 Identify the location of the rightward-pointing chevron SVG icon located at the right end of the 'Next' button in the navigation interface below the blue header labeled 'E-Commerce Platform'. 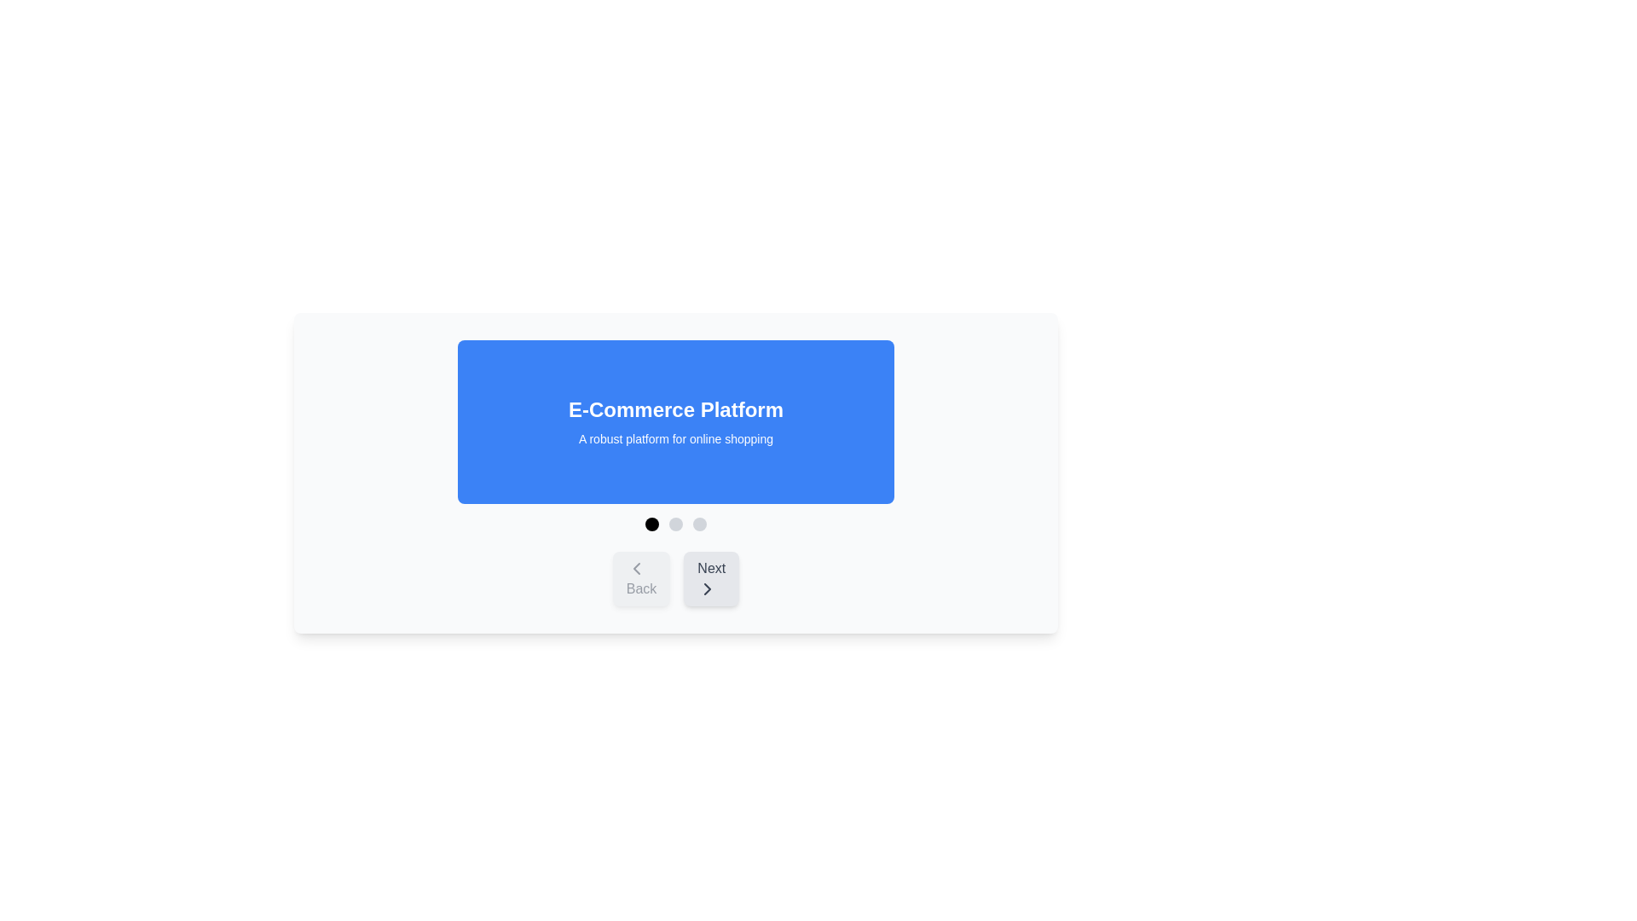
(708, 588).